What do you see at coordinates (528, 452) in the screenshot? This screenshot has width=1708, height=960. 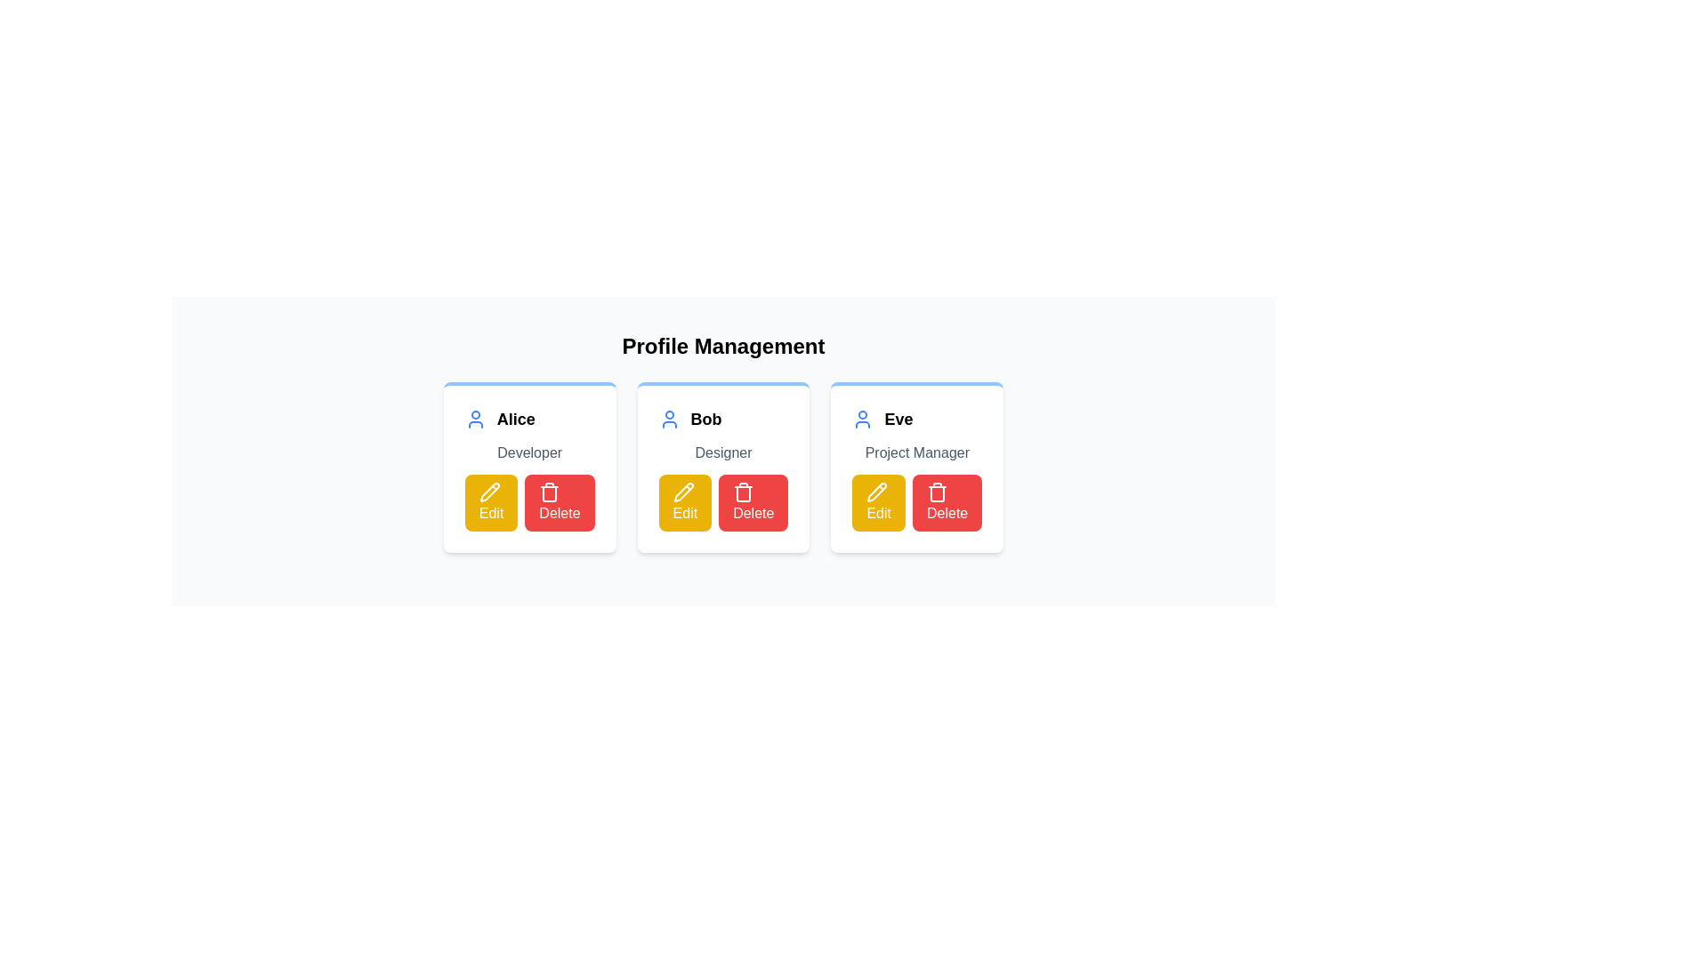 I see `the 'Developer' label, which is a gray text label located directly below the name 'Alice' in the user profile card` at bounding box center [528, 452].